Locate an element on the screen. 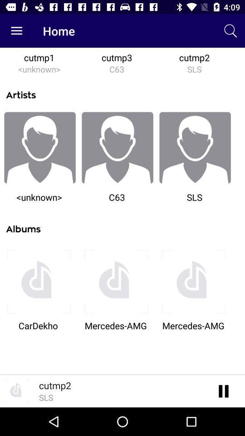 The width and height of the screenshot is (245, 436). the pause icon is located at coordinates (223, 390).